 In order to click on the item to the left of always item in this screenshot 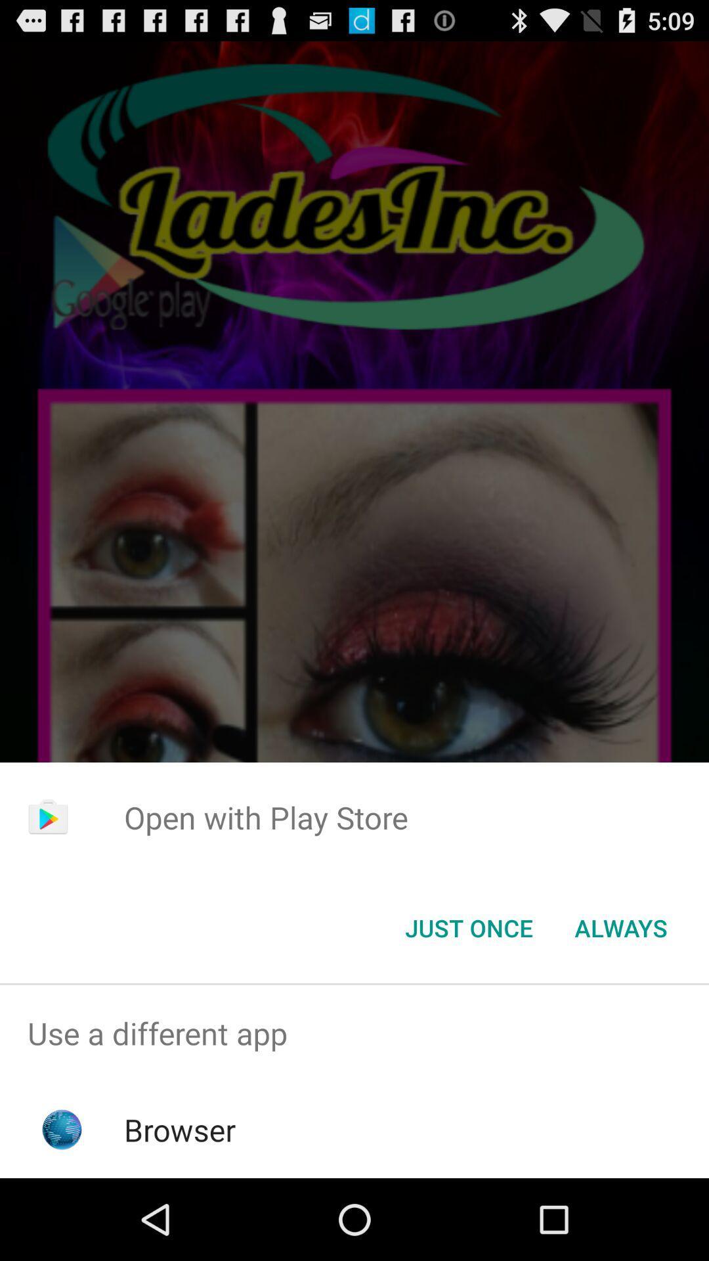, I will do `click(468, 927)`.